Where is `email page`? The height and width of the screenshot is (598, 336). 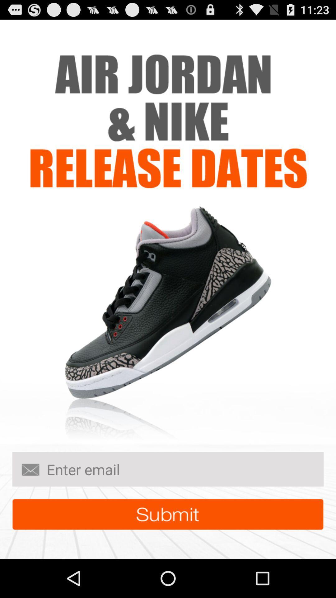
email page is located at coordinates (168, 469).